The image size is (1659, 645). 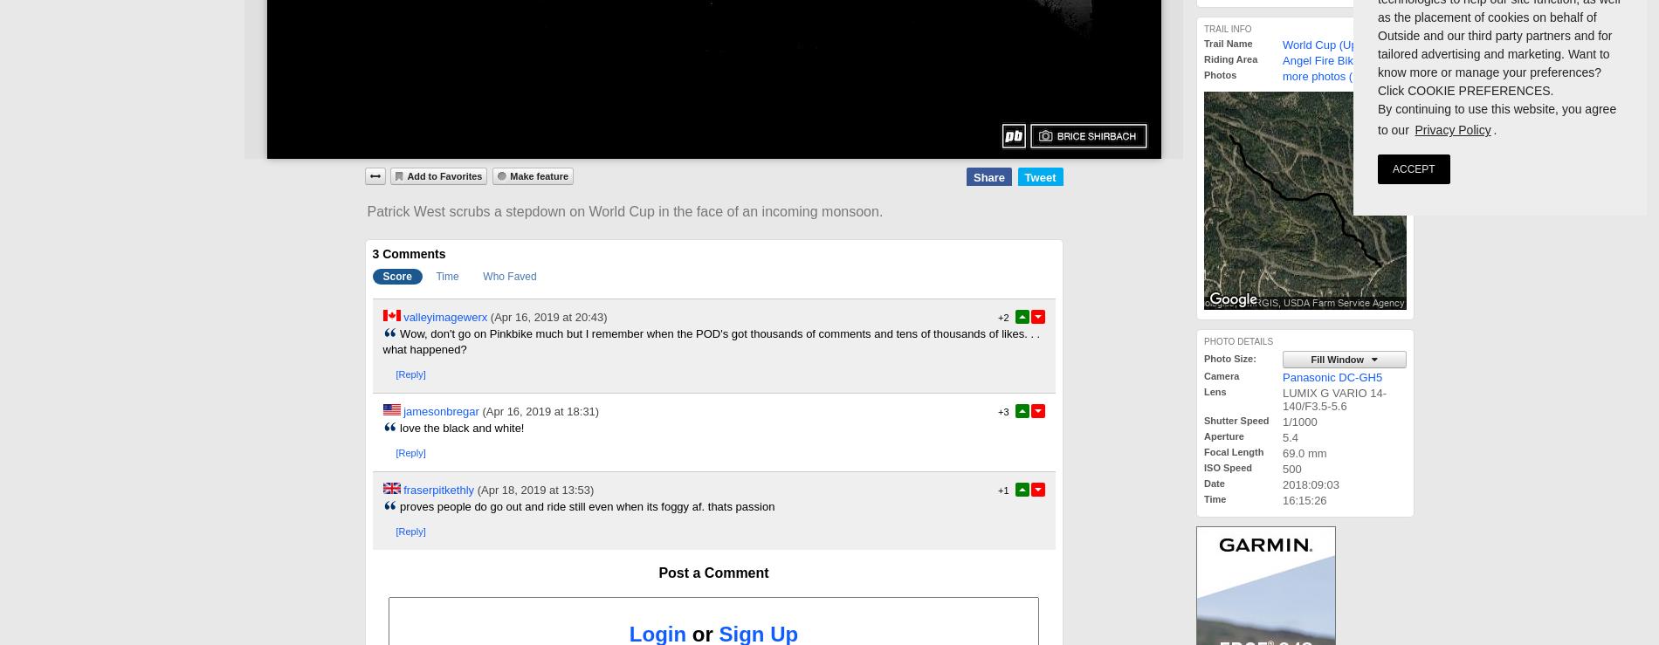 I want to click on 'World Cup (Upper)', so click(x=1330, y=45).